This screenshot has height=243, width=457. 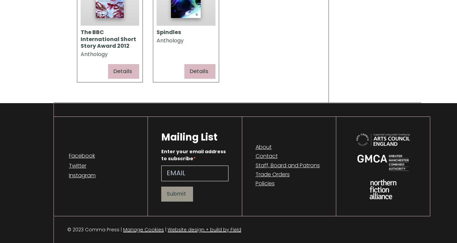 I want to click on 'Staff, Board and Patrons', so click(x=287, y=165).